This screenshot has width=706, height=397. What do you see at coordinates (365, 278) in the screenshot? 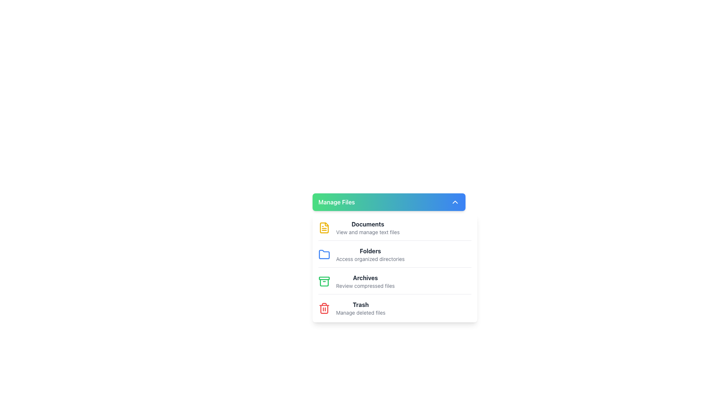
I see `the bold text label reading 'Archives', which is styled in dark gray and positioned in the 'Manage Files' section as the third item in the list` at bounding box center [365, 278].